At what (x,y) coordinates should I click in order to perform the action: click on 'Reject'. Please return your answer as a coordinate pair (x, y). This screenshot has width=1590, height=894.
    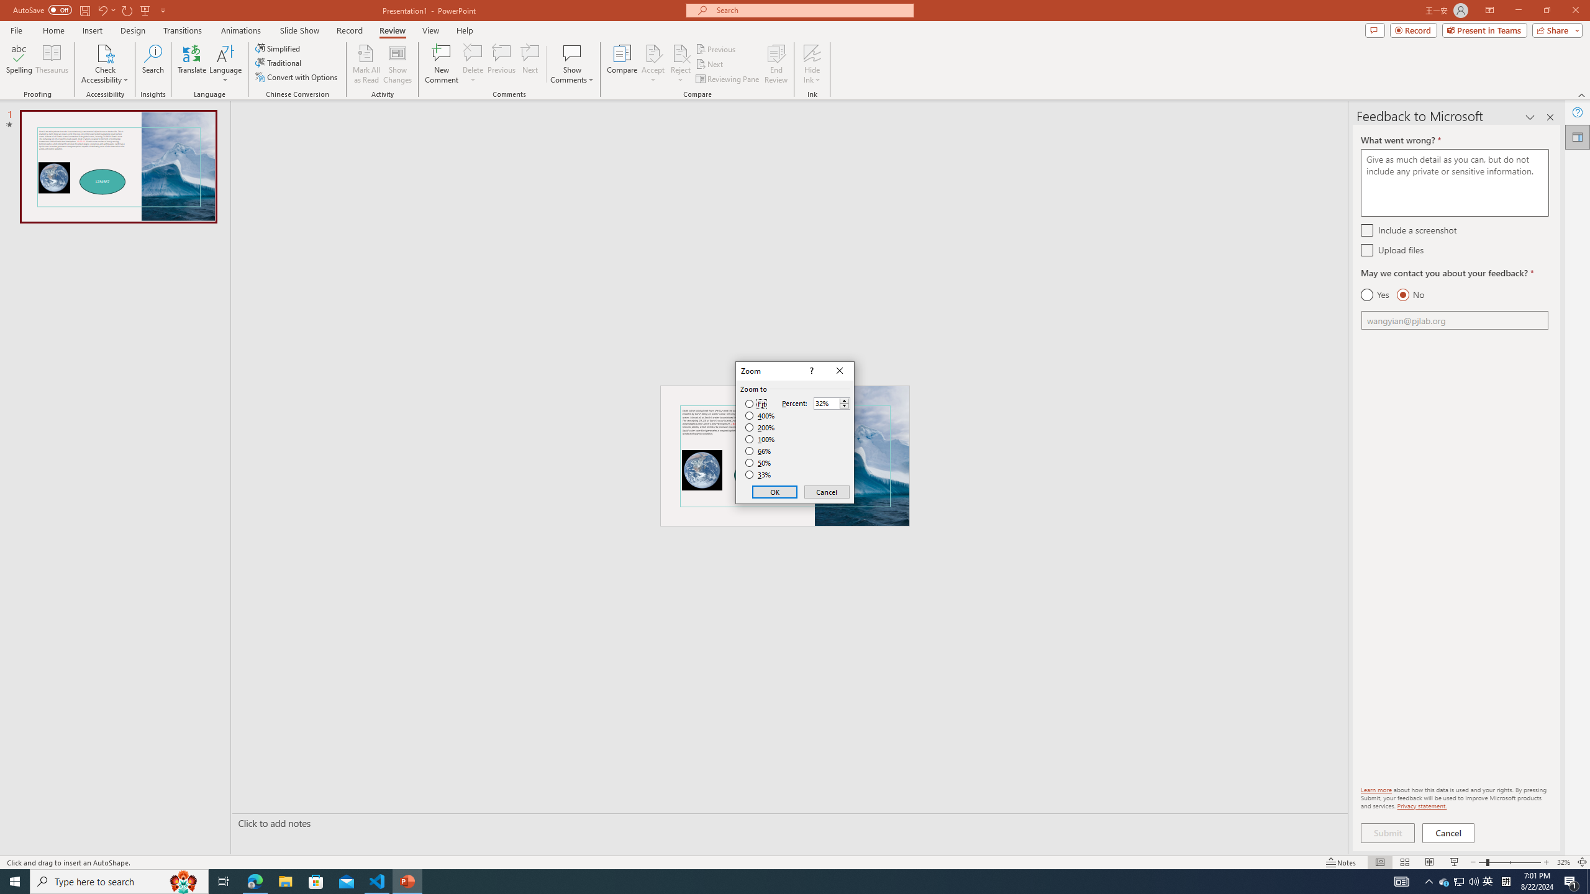
    Looking at the image, I should click on (679, 64).